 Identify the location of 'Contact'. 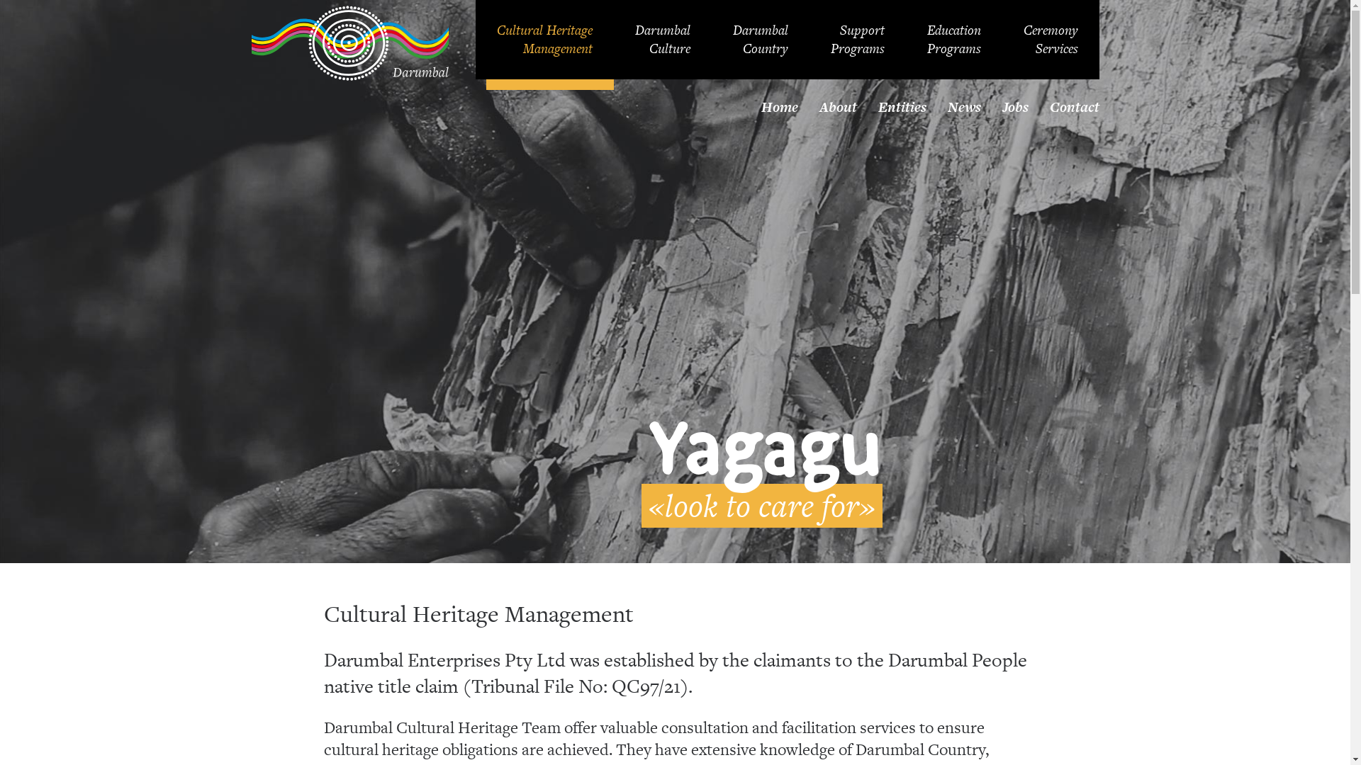
(1075, 106).